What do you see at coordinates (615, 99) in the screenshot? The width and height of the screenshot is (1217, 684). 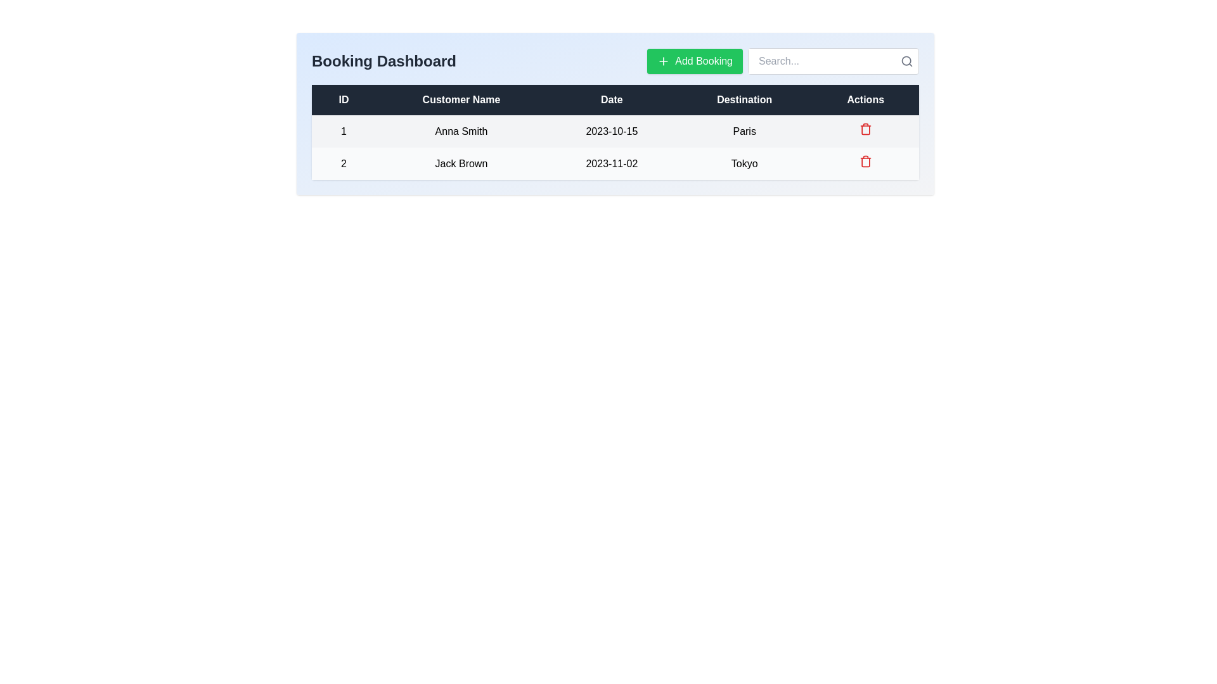 I see `the 'Date' text header element, which is styled with white text on a dark background and is the third column header in the table` at bounding box center [615, 99].